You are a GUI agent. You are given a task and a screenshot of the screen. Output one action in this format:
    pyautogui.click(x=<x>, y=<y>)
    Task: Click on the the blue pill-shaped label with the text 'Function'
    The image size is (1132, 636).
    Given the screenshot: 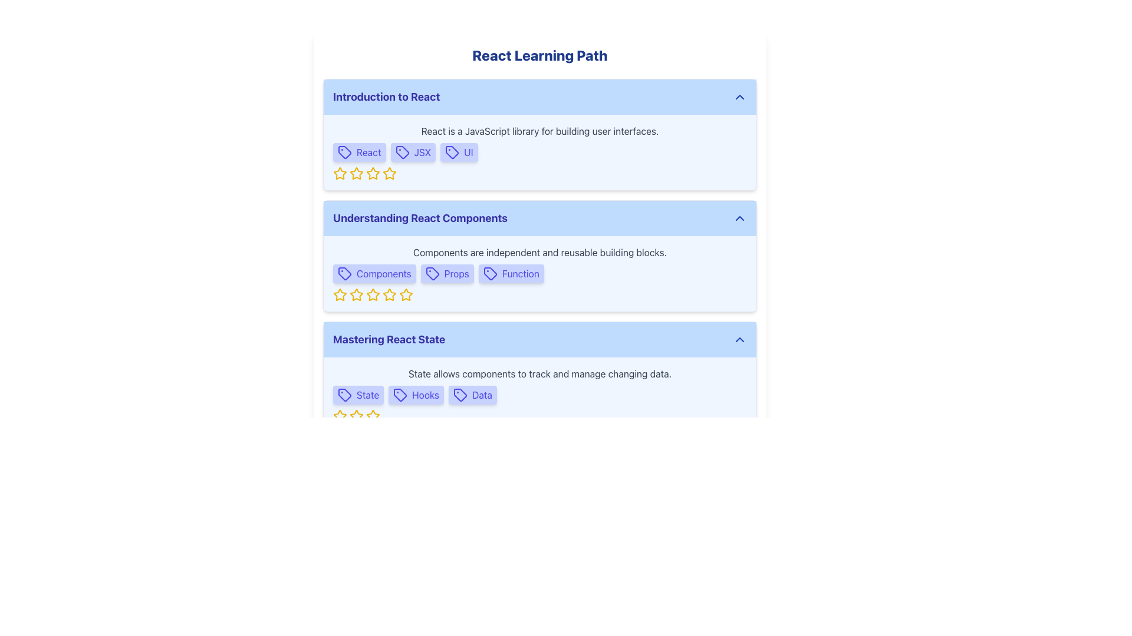 What is the action you would take?
    pyautogui.click(x=511, y=274)
    